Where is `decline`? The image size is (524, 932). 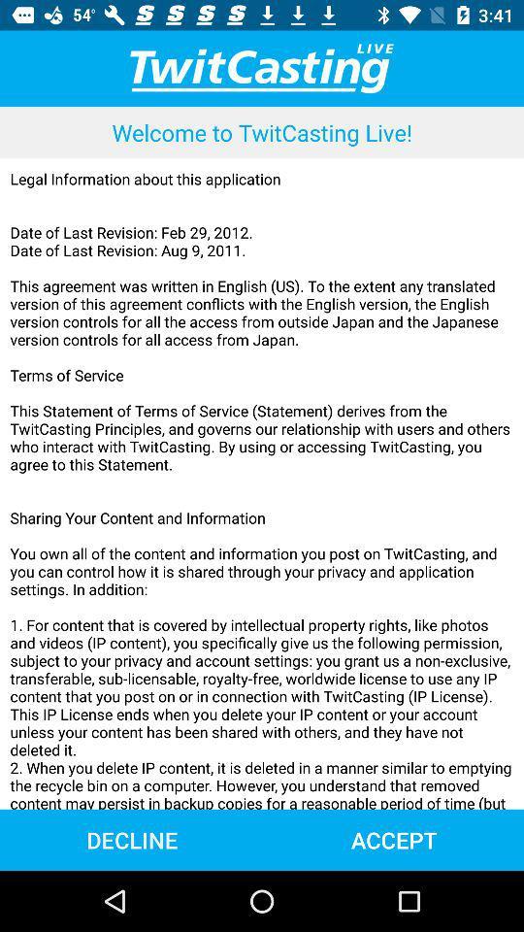 decline is located at coordinates (131, 839).